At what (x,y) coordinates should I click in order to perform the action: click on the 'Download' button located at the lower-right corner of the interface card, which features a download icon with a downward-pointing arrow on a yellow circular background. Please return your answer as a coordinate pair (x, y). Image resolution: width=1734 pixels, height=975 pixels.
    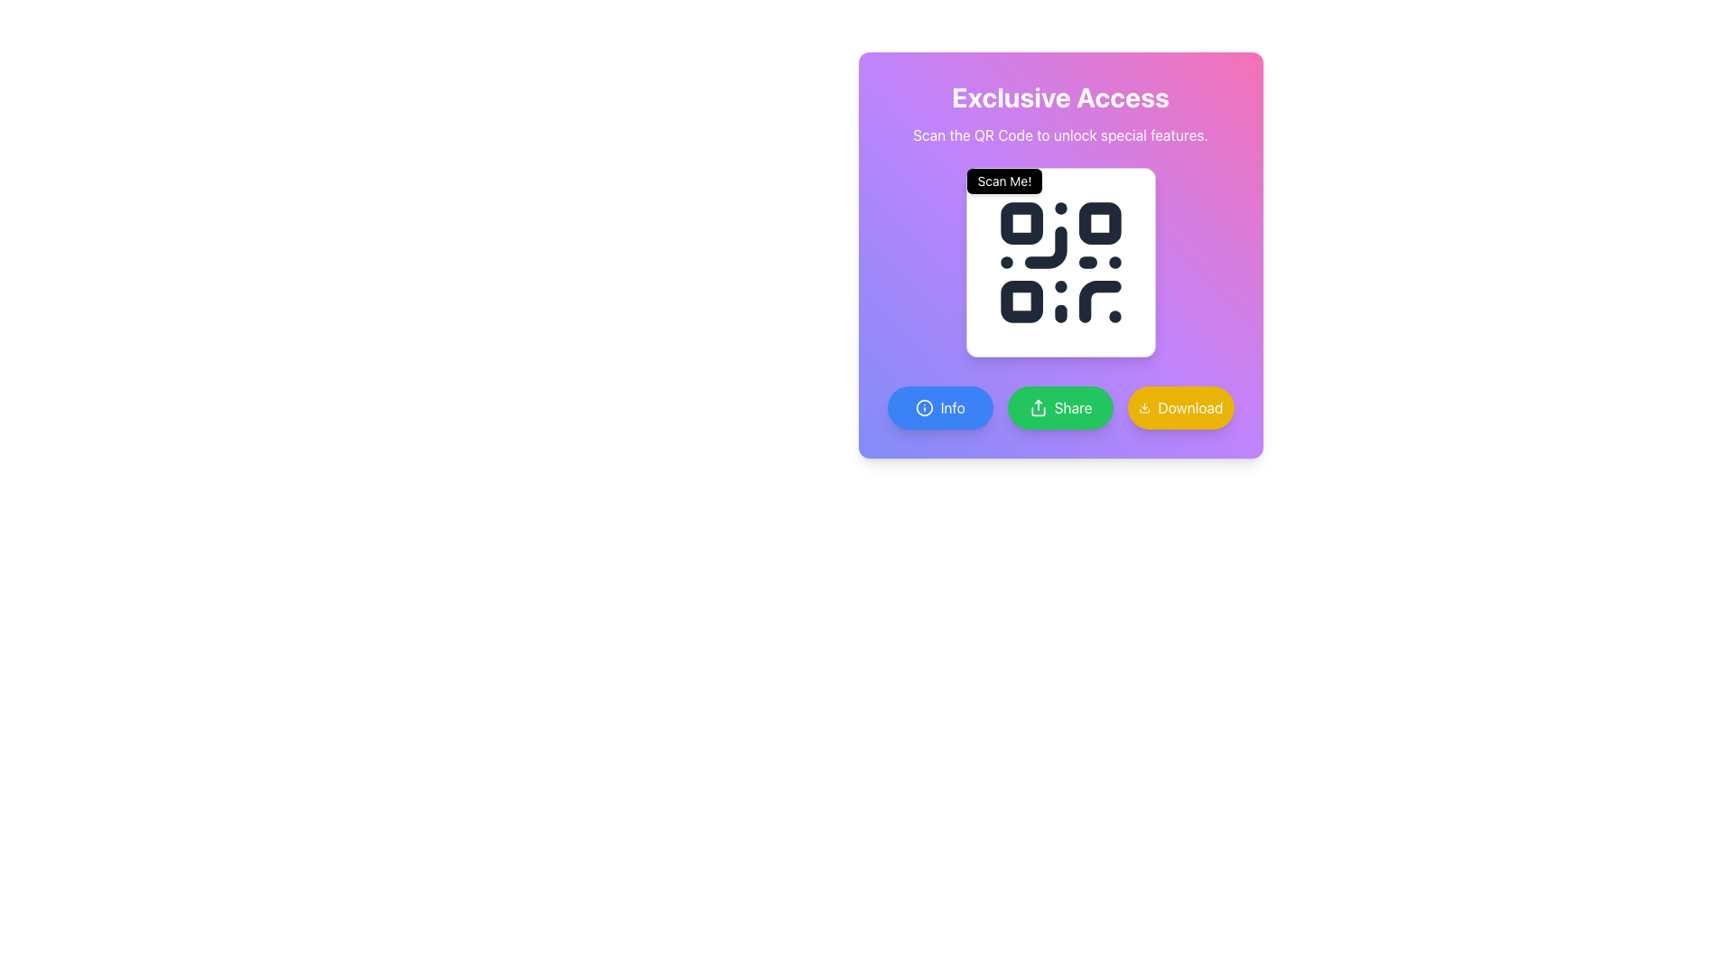
    Looking at the image, I should click on (1143, 407).